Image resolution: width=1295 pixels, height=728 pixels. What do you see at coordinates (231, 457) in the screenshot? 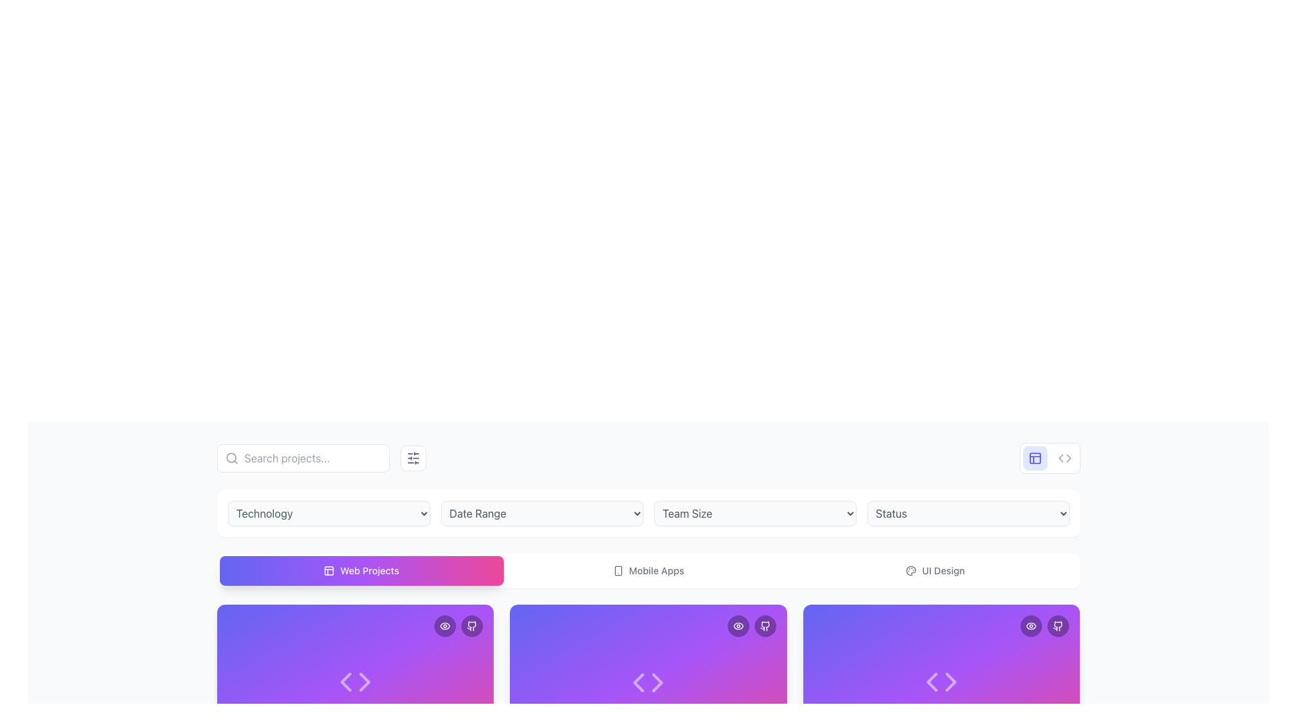
I see `the circular element representing the lens of the search icon located at the left side of the search input bar` at bounding box center [231, 457].